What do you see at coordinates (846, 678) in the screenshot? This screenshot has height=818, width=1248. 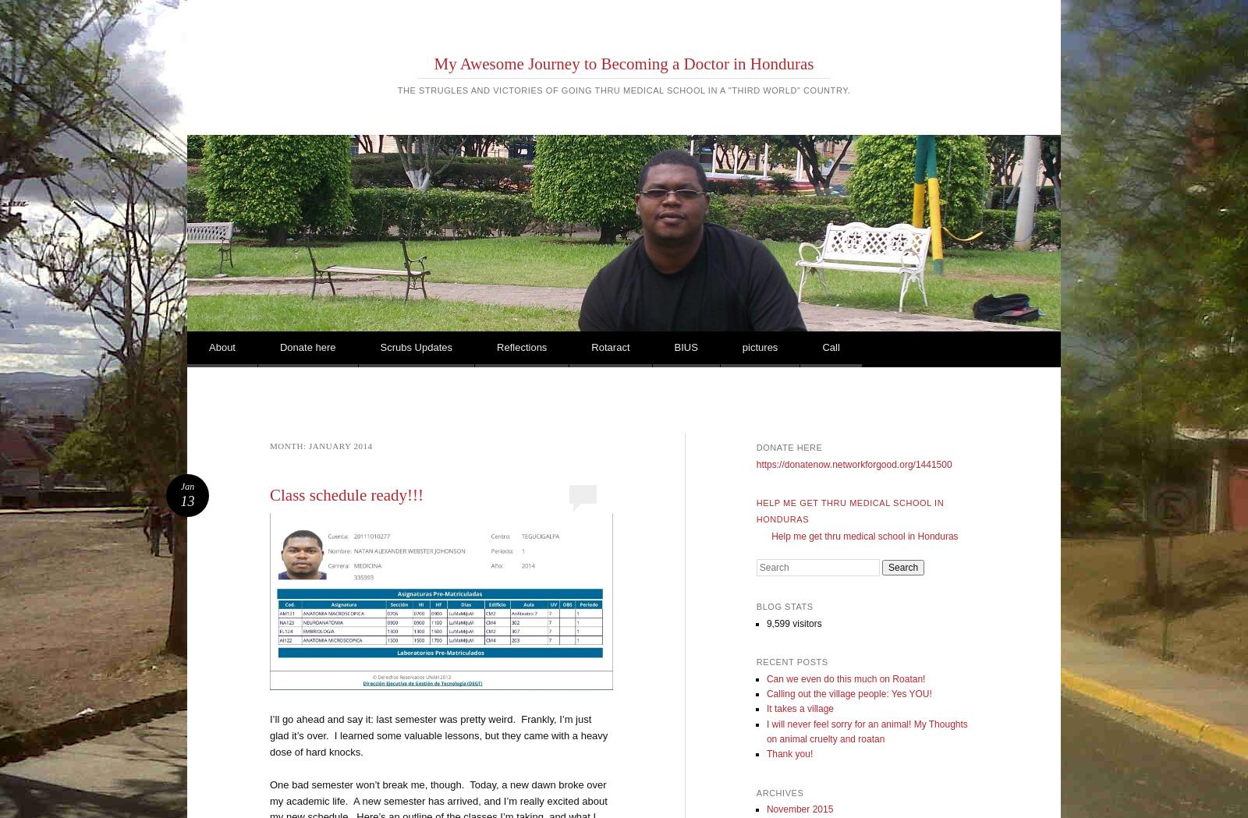 I see `'Can we even do this much on Roatan!'` at bounding box center [846, 678].